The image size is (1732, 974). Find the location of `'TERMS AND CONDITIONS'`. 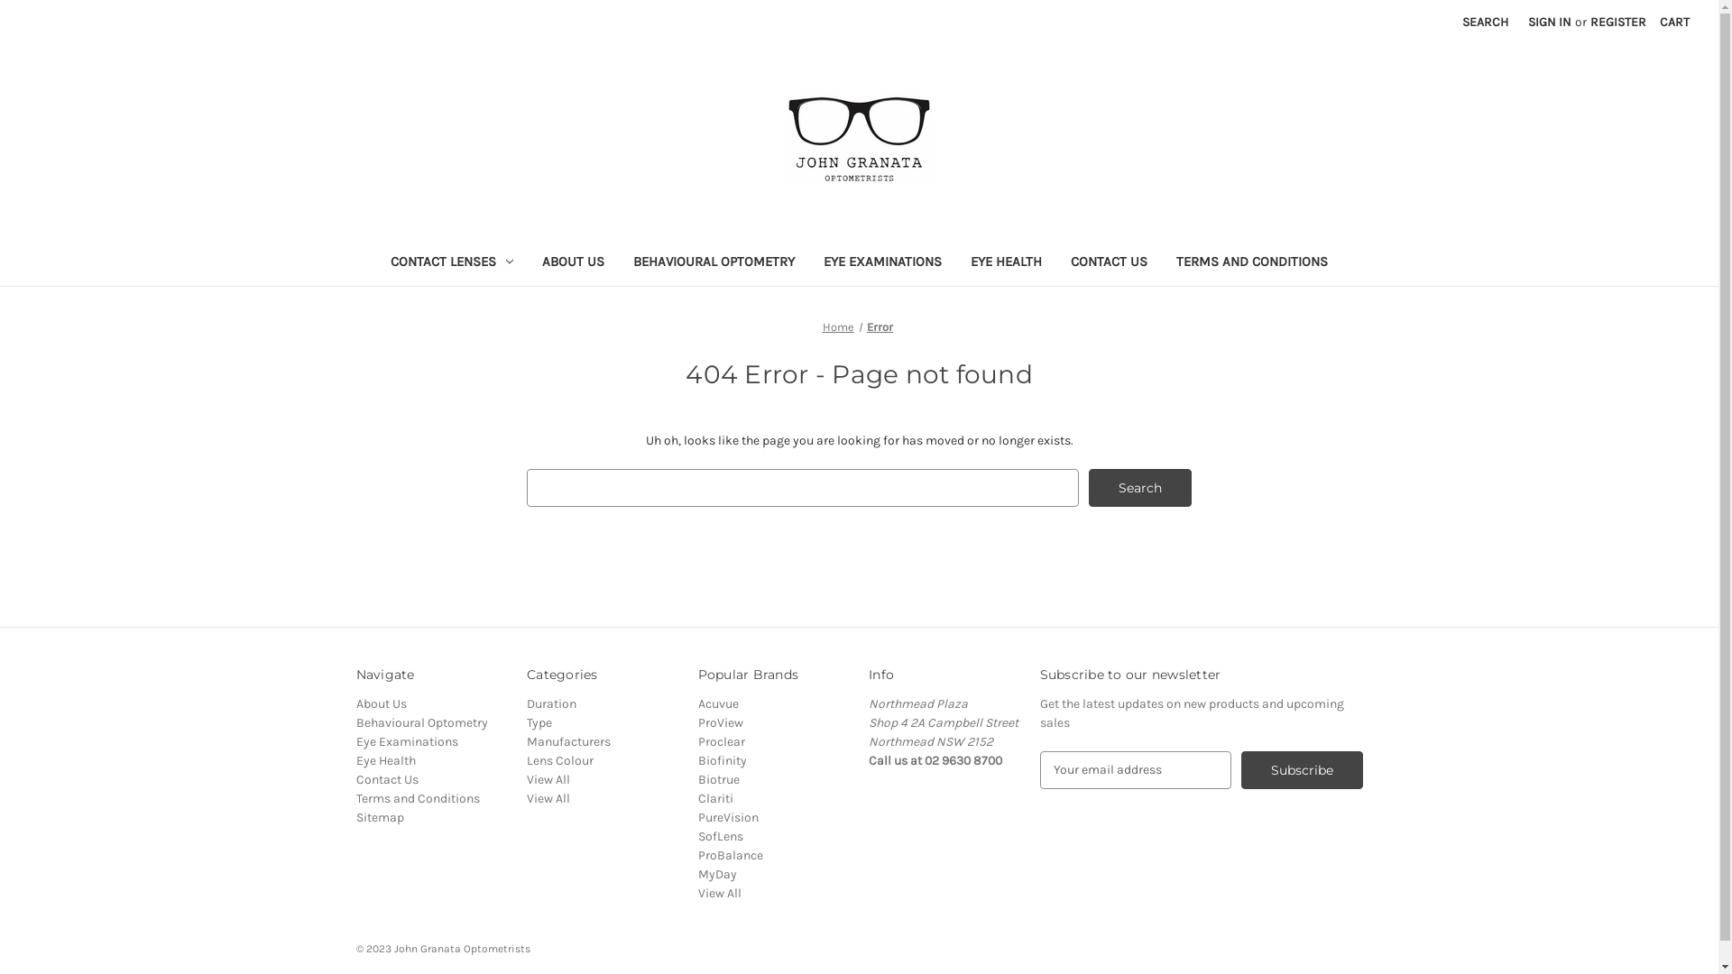

'TERMS AND CONDITIONS' is located at coordinates (1250, 263).